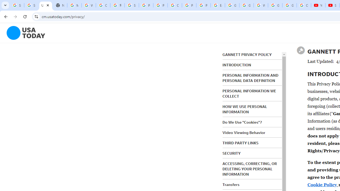  I want to click on 'THIRD PARTY LINKS', so click(240, 142).